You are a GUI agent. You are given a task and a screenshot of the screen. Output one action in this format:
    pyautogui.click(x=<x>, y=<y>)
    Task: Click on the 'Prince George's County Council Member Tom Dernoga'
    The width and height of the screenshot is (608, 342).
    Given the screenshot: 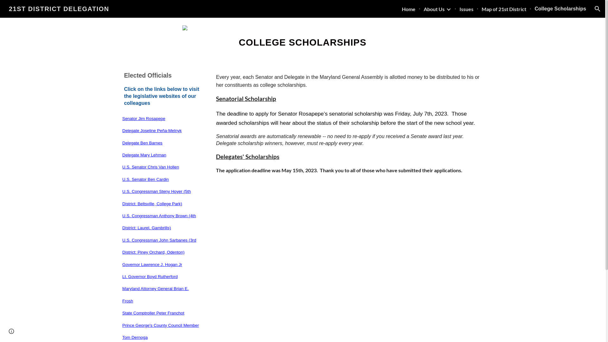 What is the action you would take?
    pyautogui.click(x=161, y=331)
    